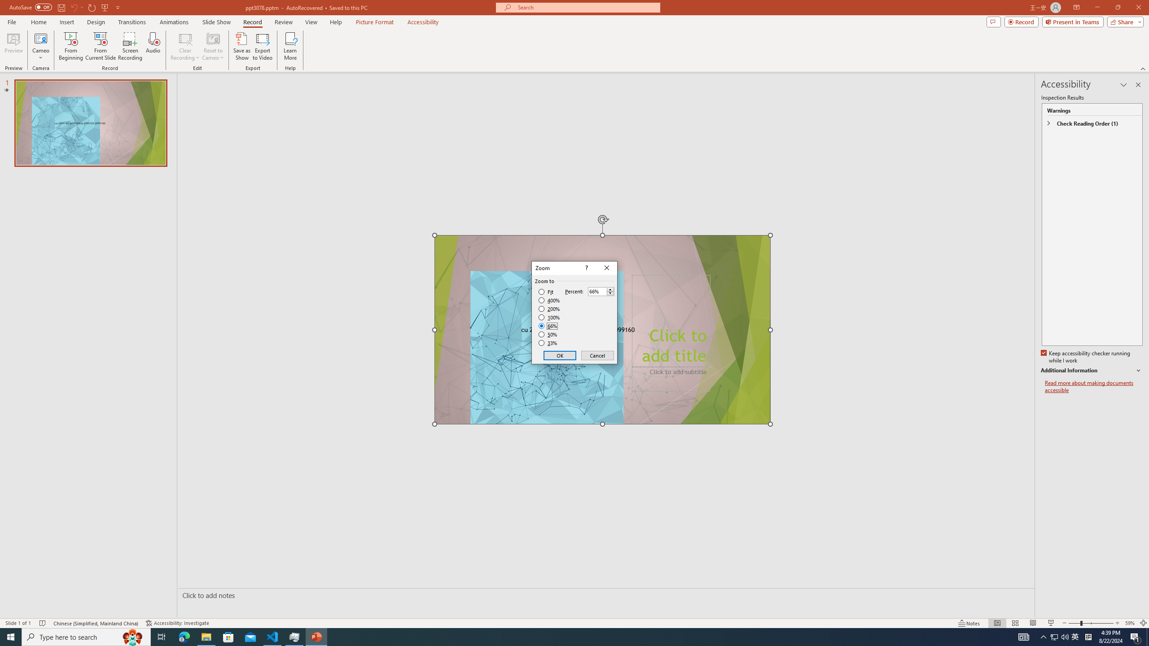  Describe the element at coordinates (548, 343) in the screenshot. I see `'33%'` at that location.